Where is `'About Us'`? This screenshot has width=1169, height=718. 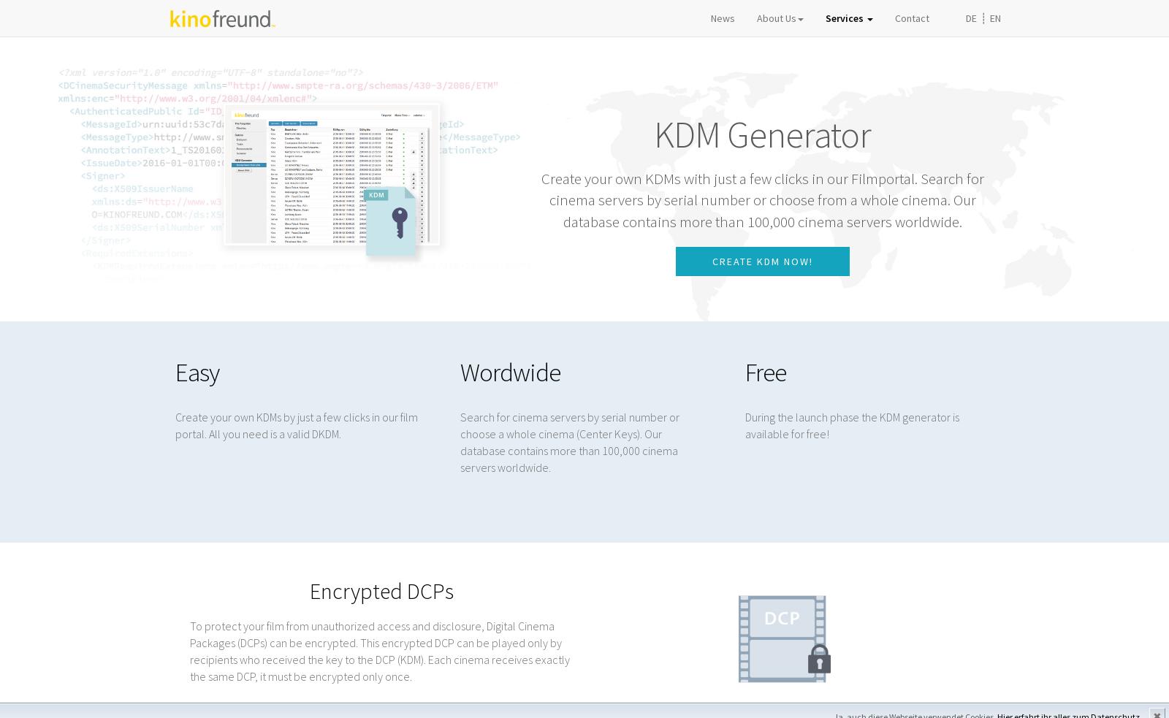
'About Us' is located at coordinates (777, 32).